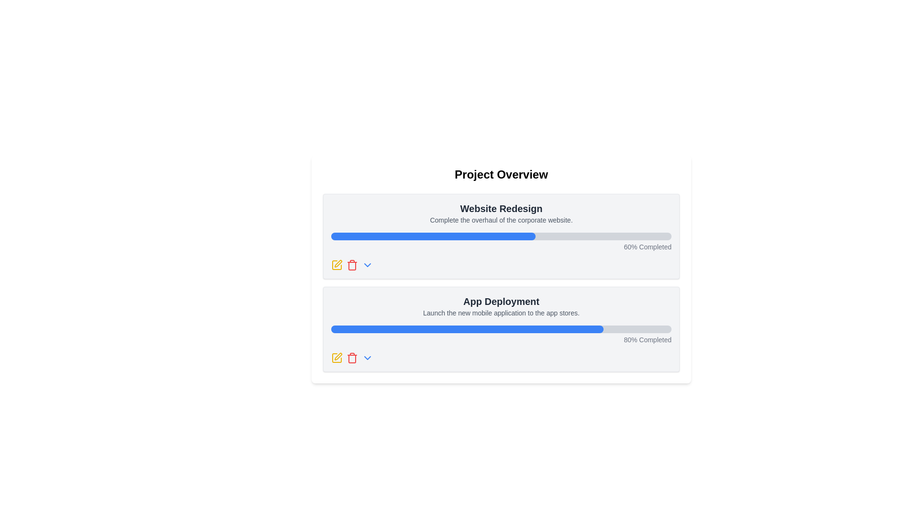 Image resolution: width=919 pixels, height=517 pixels. What do you see at coordinates (337, 358) in the screenshot?
I see `the graphical icon representing editing or modifying actions located in the lower-left corner of the 'App Deployment' card` at bounding box center [337, 358].